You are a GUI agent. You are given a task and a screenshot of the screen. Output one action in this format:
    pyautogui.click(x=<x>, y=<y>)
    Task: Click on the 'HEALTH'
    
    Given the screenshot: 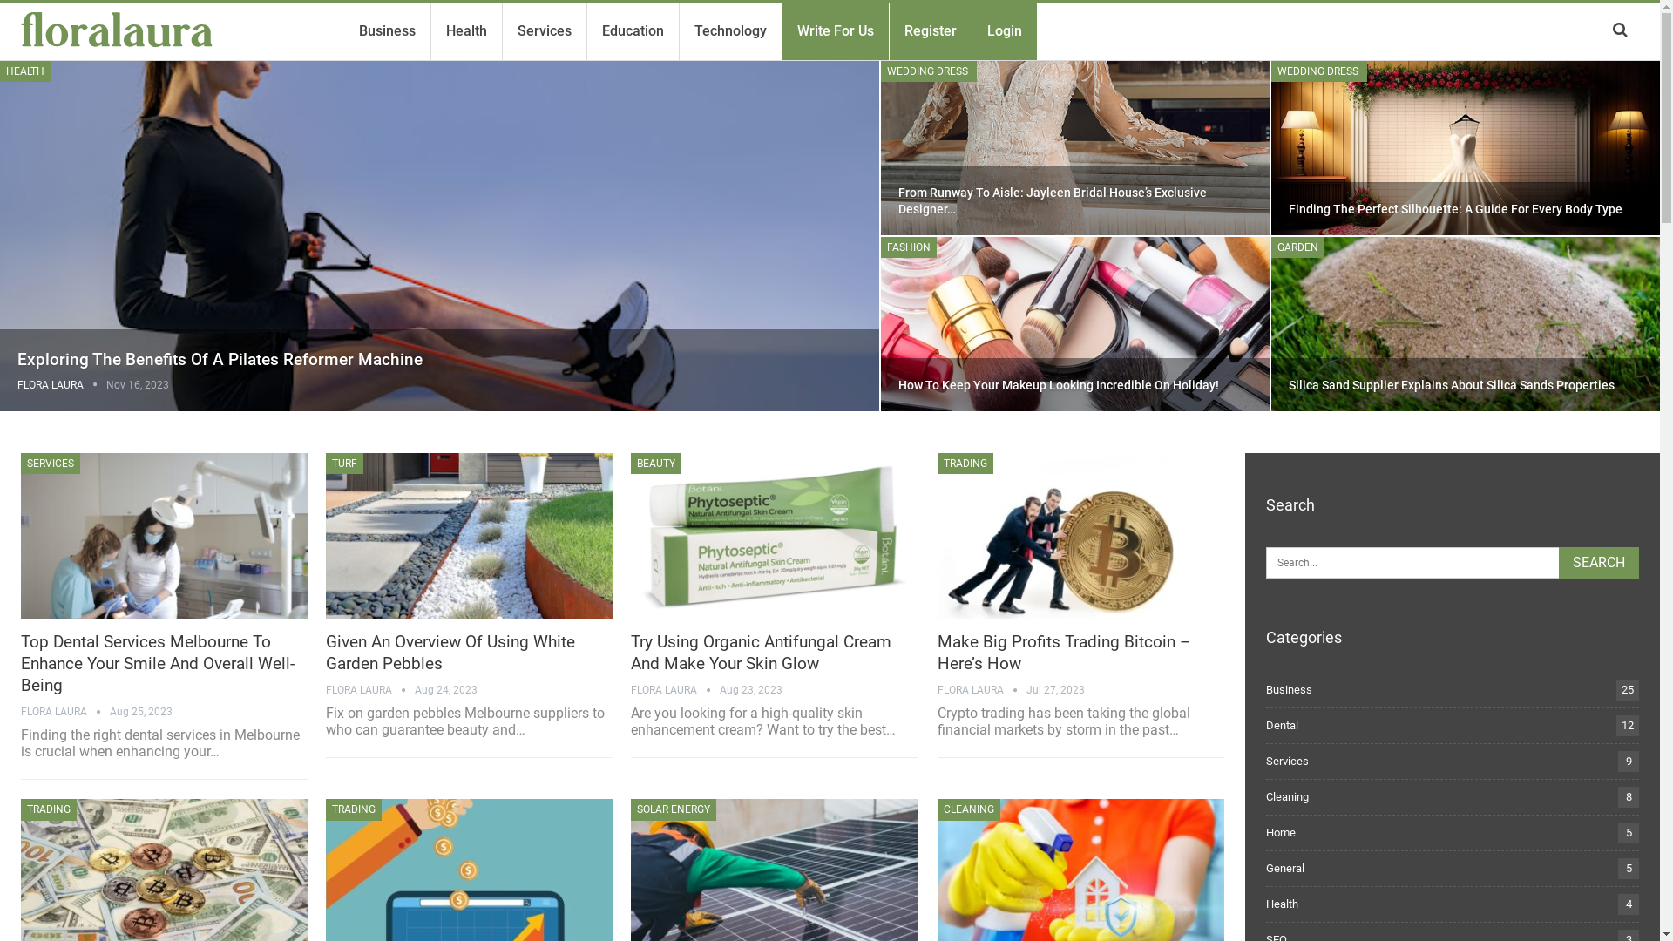 What is the action you would take?
    pyautogui.click(x=0, y=70)
    